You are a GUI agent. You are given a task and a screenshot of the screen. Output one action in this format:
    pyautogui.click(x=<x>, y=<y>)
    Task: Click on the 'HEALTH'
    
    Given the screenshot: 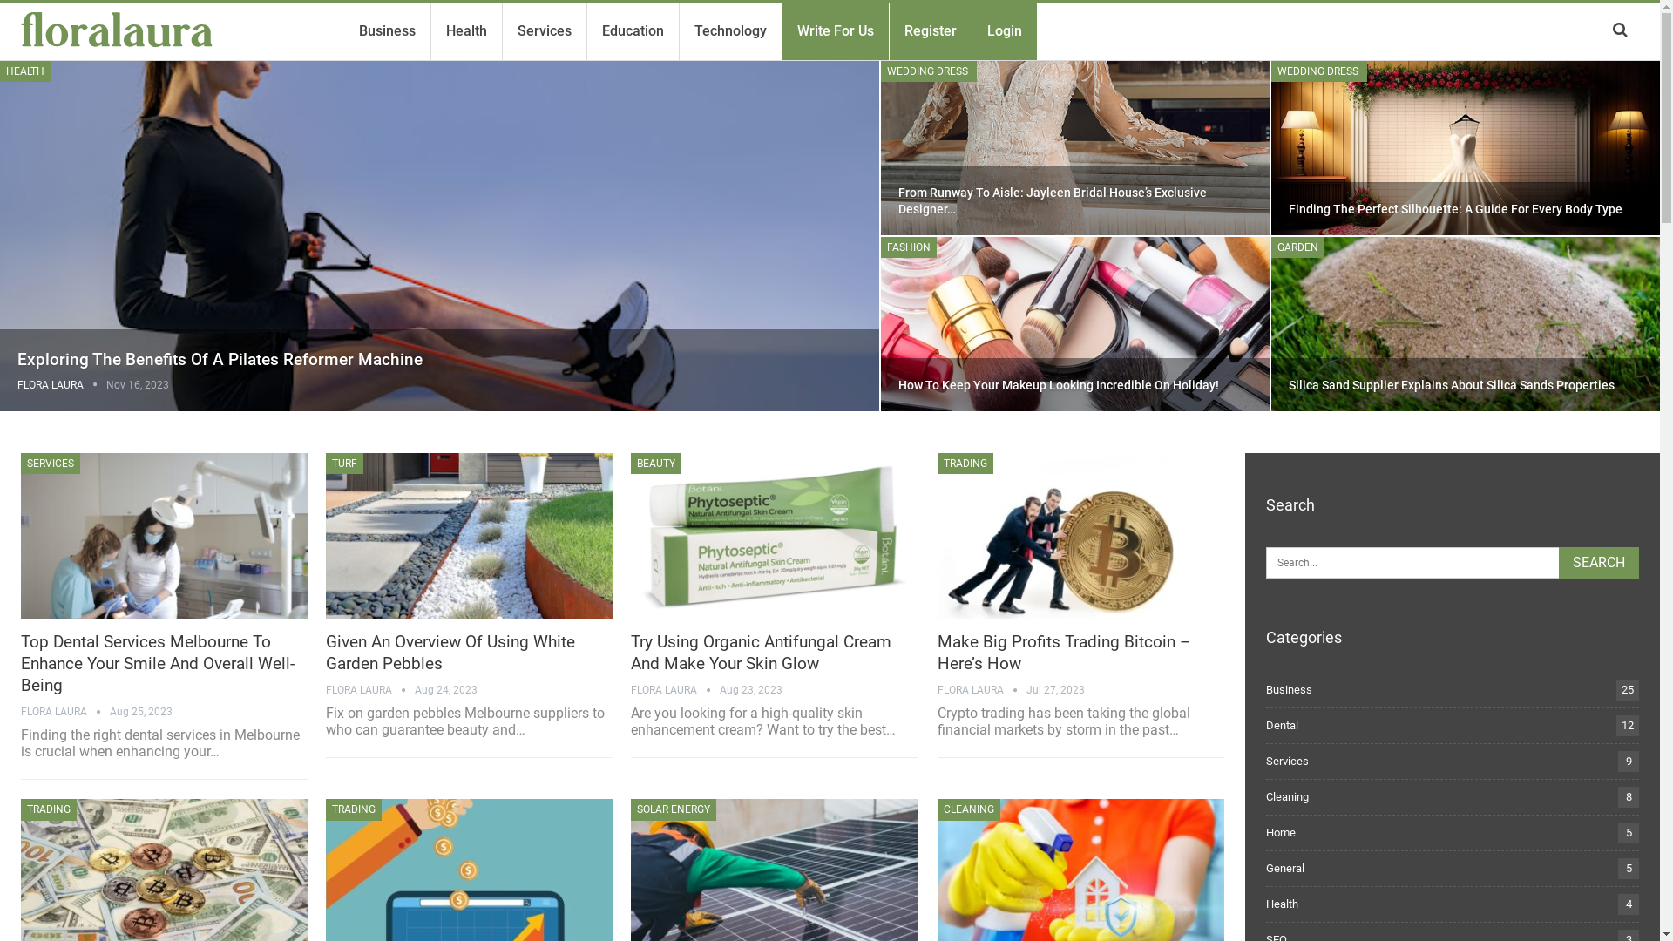 What is the action you would take?
    pyautogui.click(x=0, y=70)
    